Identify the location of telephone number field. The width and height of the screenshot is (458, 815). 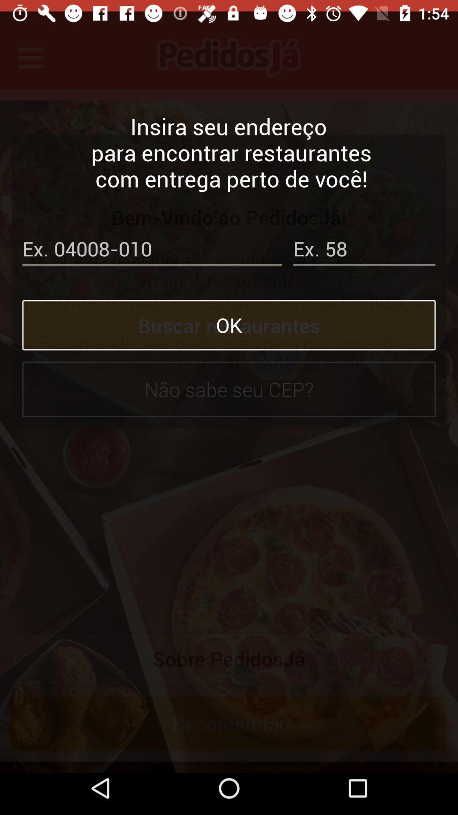
(151, 239).